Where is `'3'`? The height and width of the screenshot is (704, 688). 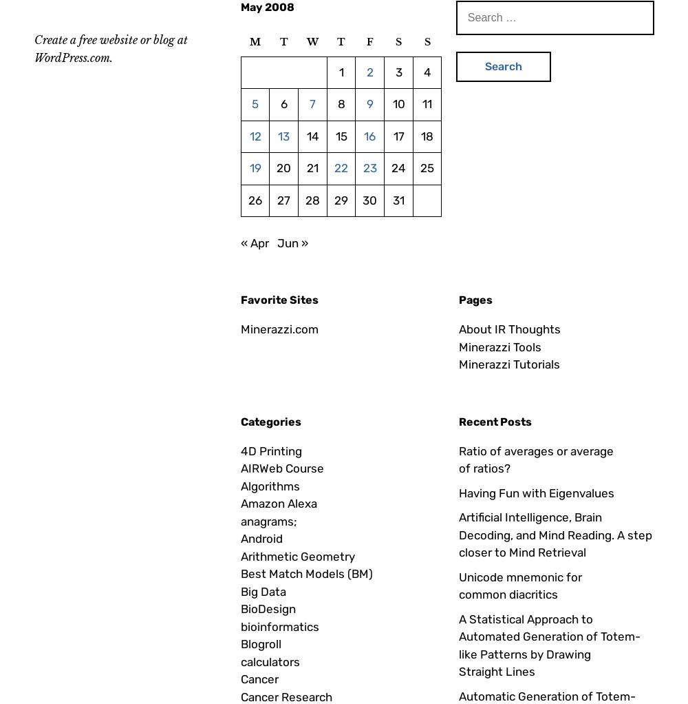 '3' is located at coordinates (398, 71).